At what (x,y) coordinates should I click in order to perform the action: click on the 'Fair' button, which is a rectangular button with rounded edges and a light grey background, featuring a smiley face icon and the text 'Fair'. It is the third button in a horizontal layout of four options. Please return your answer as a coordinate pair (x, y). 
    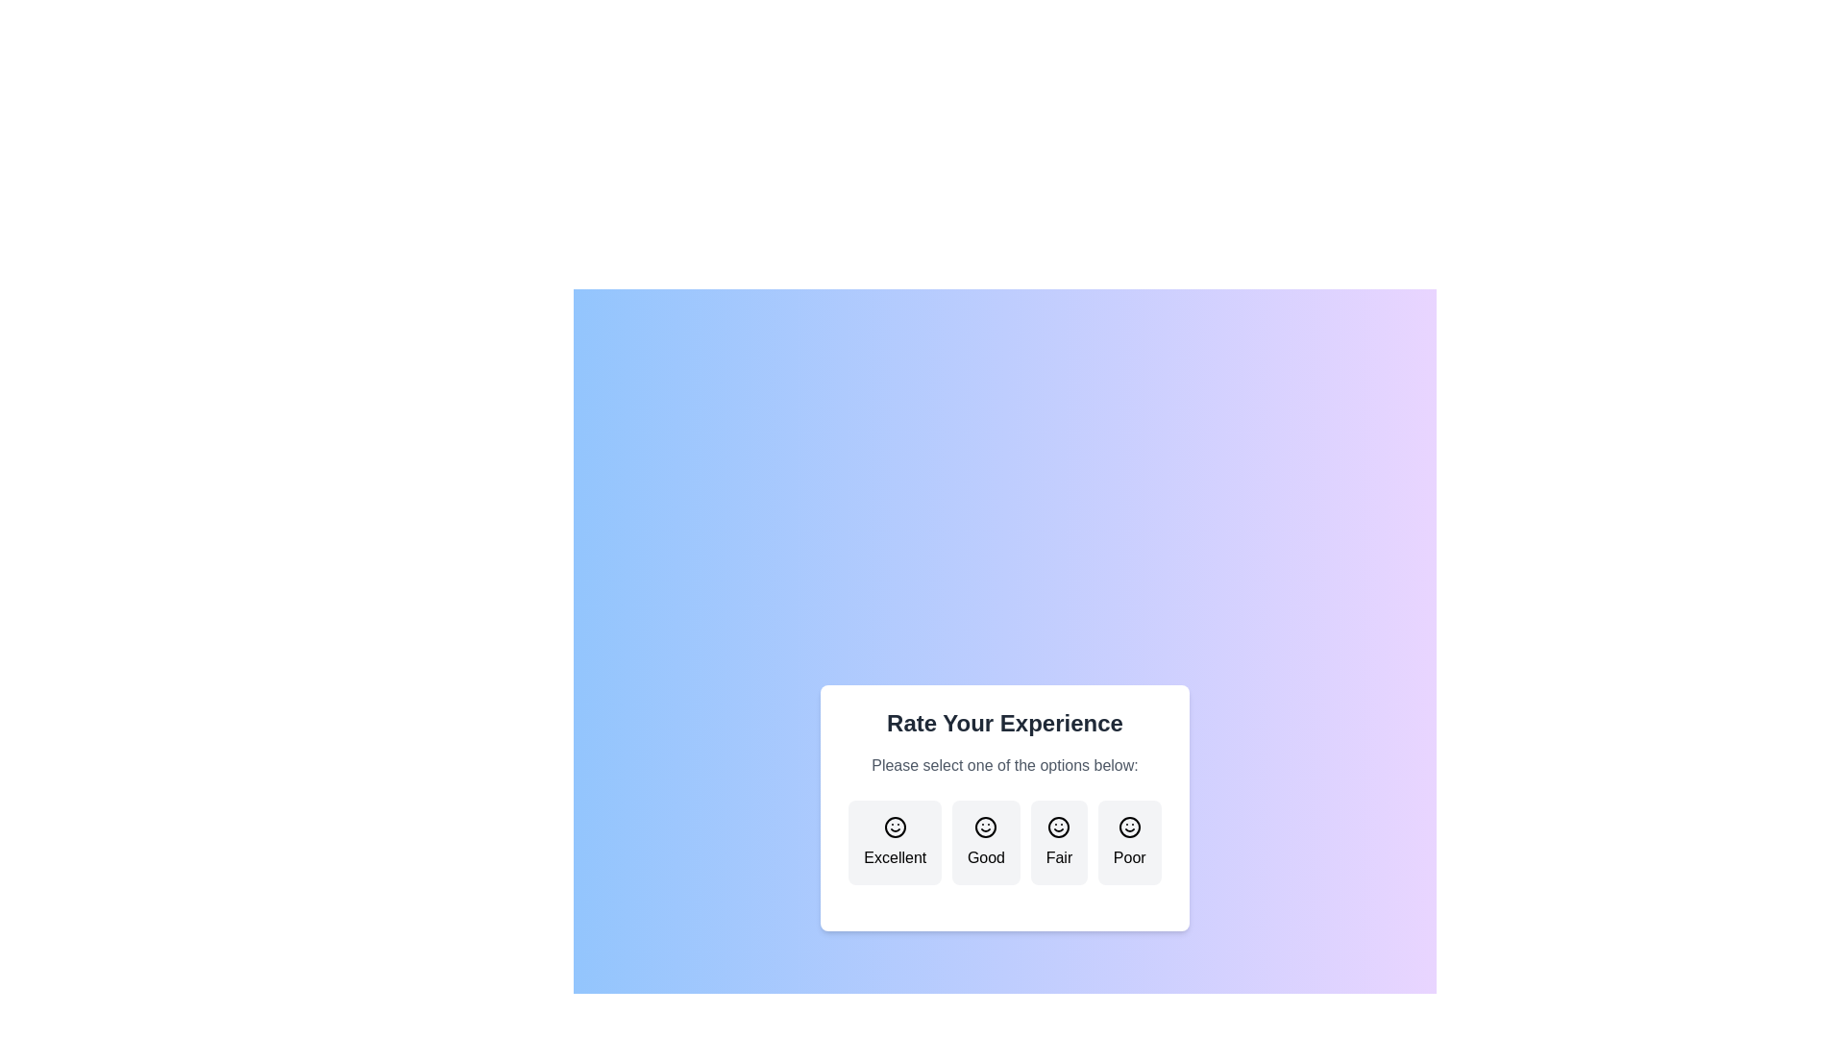
    Looking at the image, I should click on (1058, 841).